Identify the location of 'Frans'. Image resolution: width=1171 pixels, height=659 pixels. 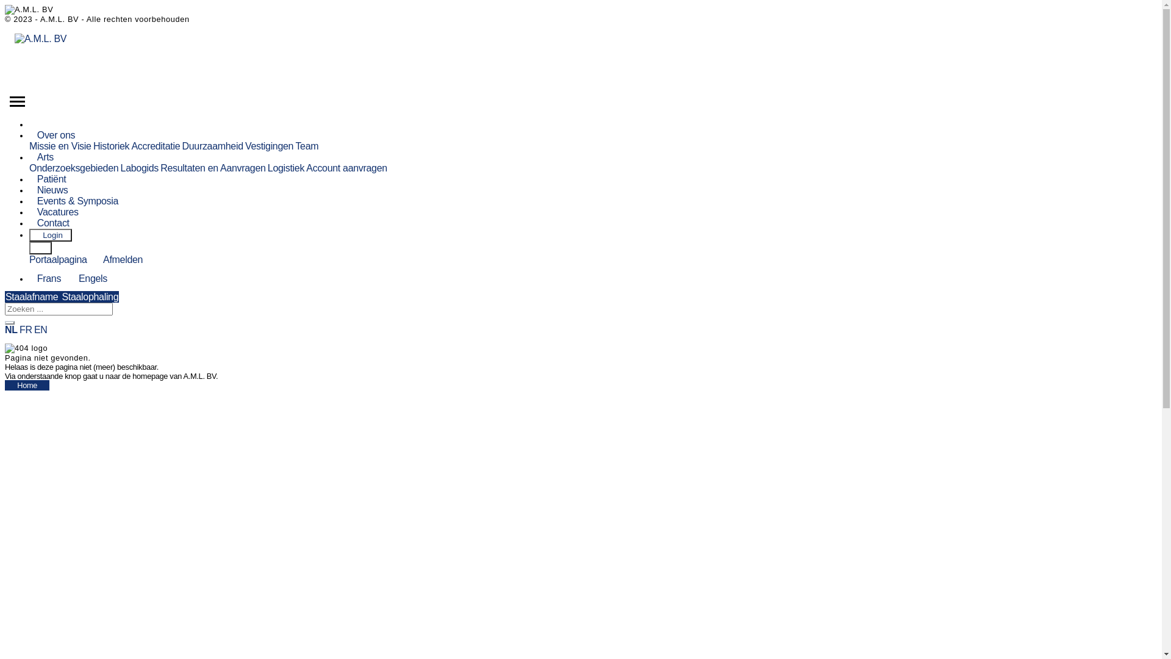
(49, 278).